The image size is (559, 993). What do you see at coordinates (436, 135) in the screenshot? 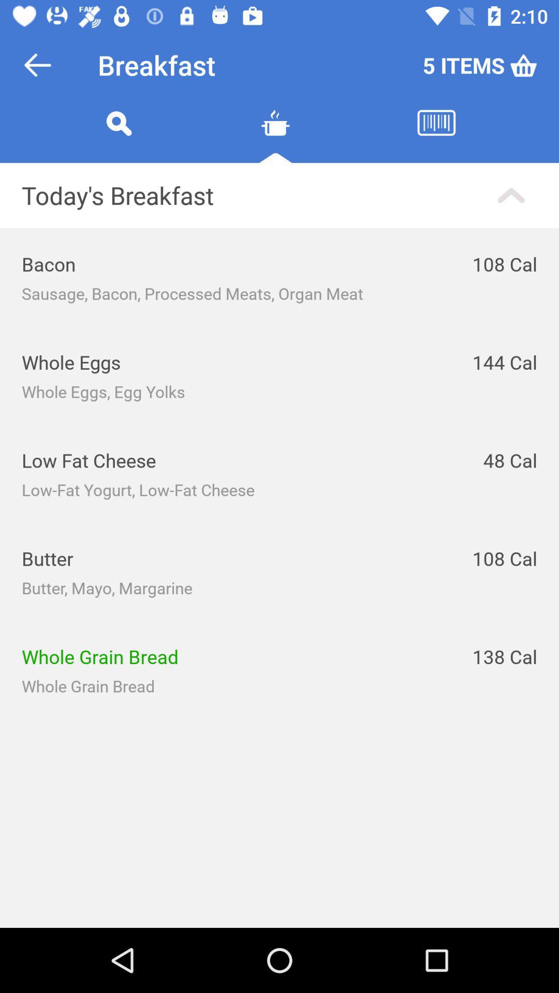
I see `diet history` at bounding box center [436, 135].